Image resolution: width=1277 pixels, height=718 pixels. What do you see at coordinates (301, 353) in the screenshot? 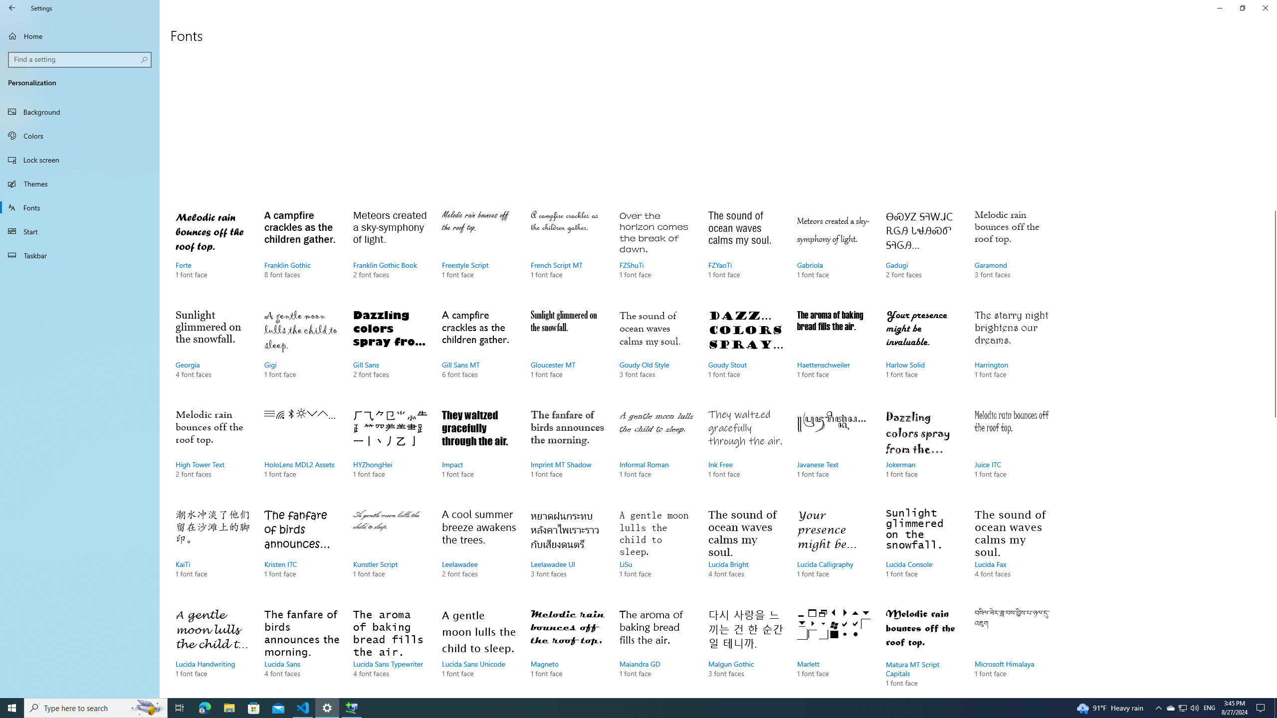
I see `'Gigi, 1 font face'` at bounding box center [301, 353].